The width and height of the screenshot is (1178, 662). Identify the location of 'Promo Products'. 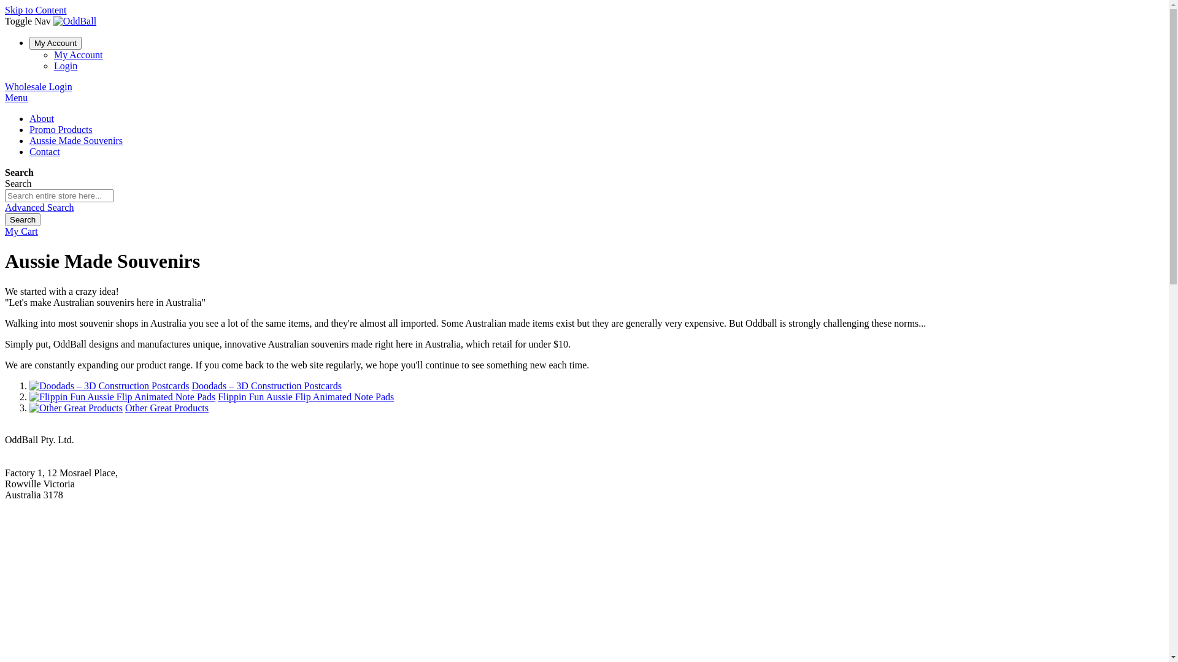
(29, 129).